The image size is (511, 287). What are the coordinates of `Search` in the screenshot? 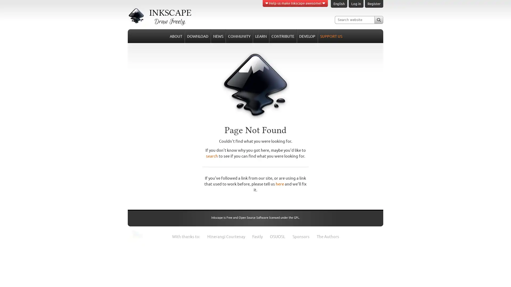 It's located at (378, 19).